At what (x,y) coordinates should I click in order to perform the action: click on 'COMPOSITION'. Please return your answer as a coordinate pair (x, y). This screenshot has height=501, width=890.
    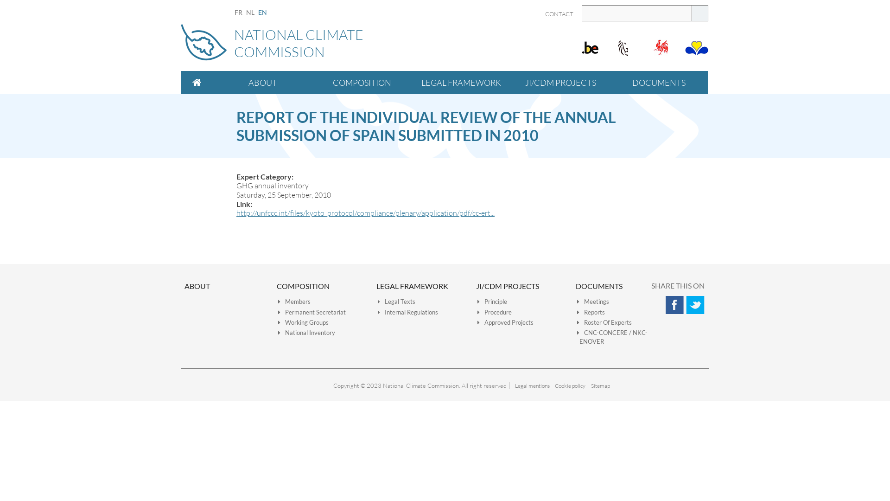
    Looking at the image, I should click on (303, 285).